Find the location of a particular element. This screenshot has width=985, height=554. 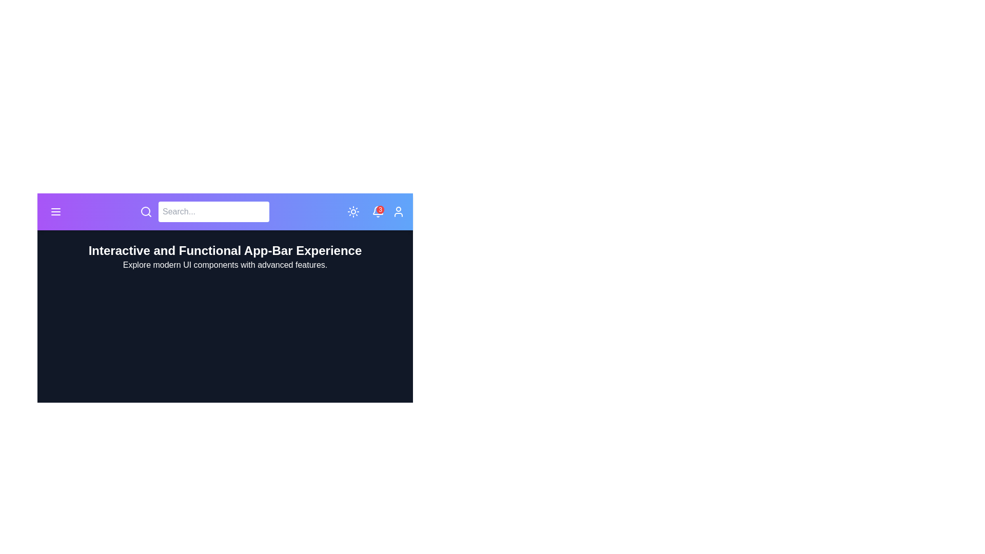

the theme toggle button to switch between light and dark modes is located at coordinates (353, 211).